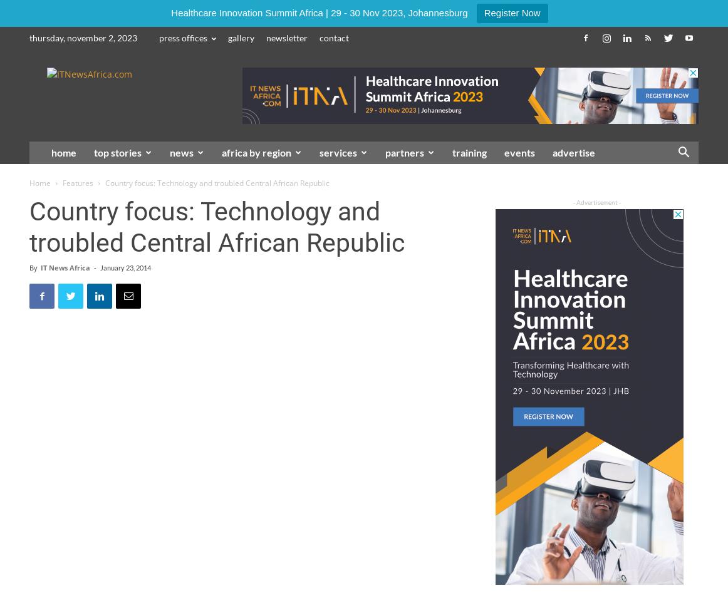  Describe the element at coordinates (93, 267) in the screenshot. I see `'-'` at that location.